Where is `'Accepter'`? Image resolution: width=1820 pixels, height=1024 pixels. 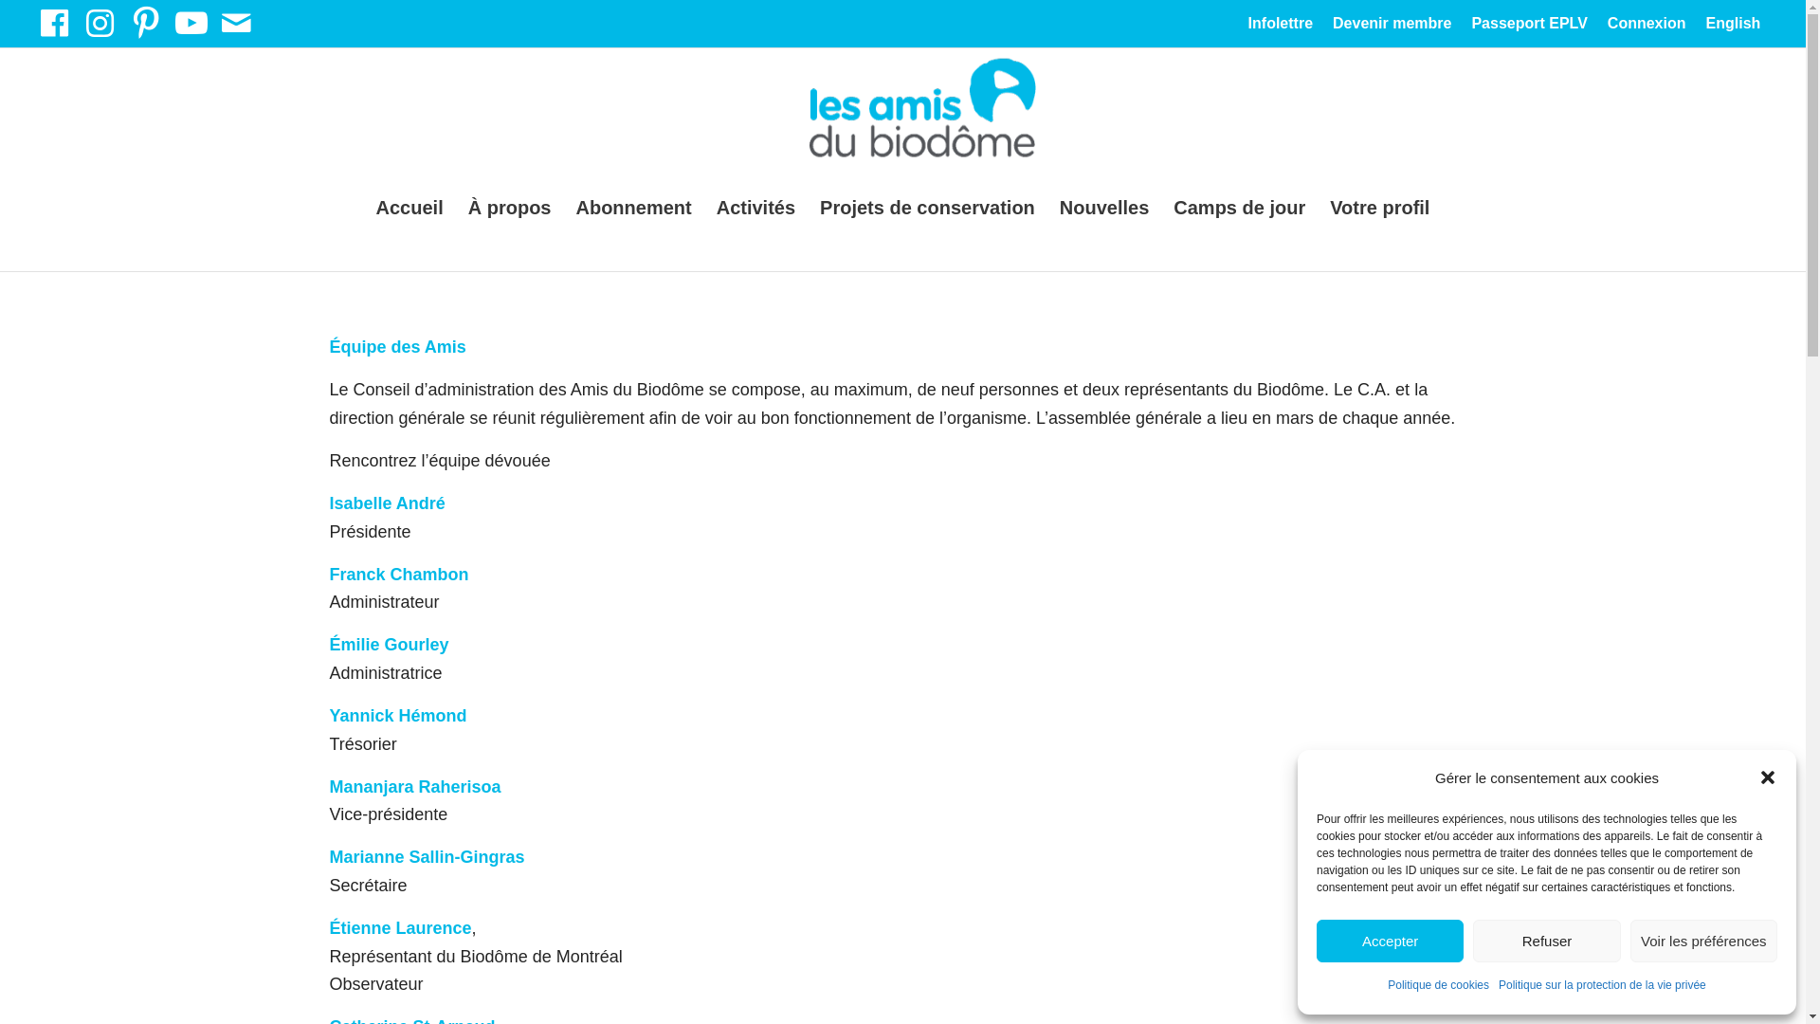
'Accepter' is located at coordinates (1390, 941).